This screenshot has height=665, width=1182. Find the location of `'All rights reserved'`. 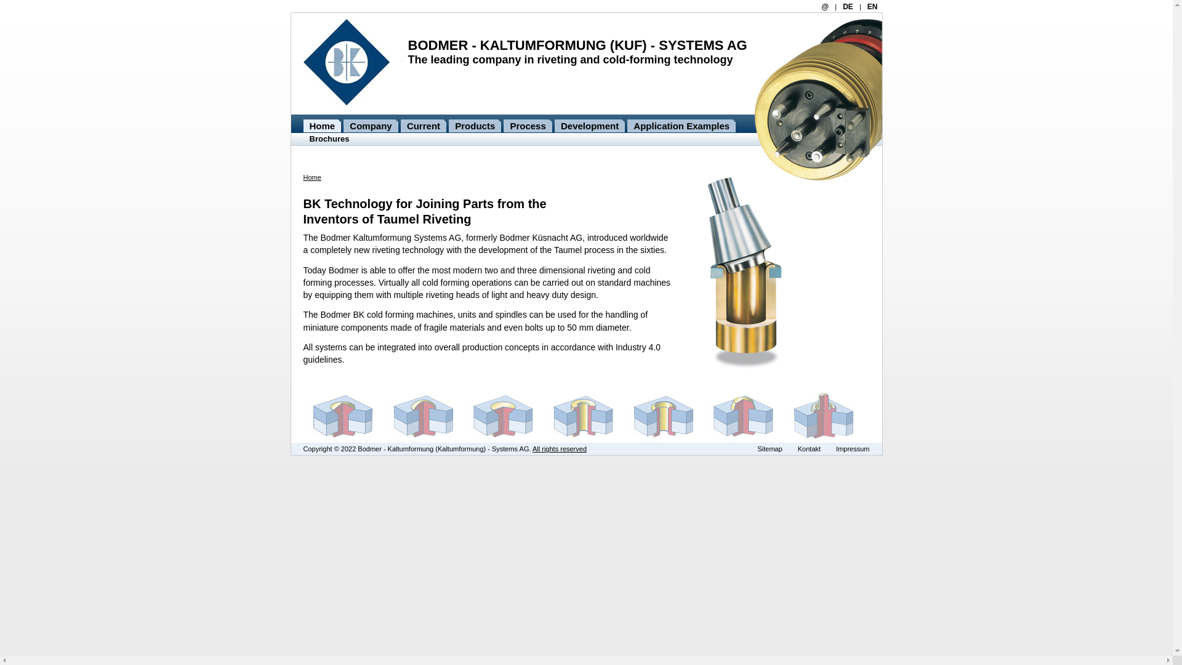

'All rights reserved' is located at coordinates (532, 449).